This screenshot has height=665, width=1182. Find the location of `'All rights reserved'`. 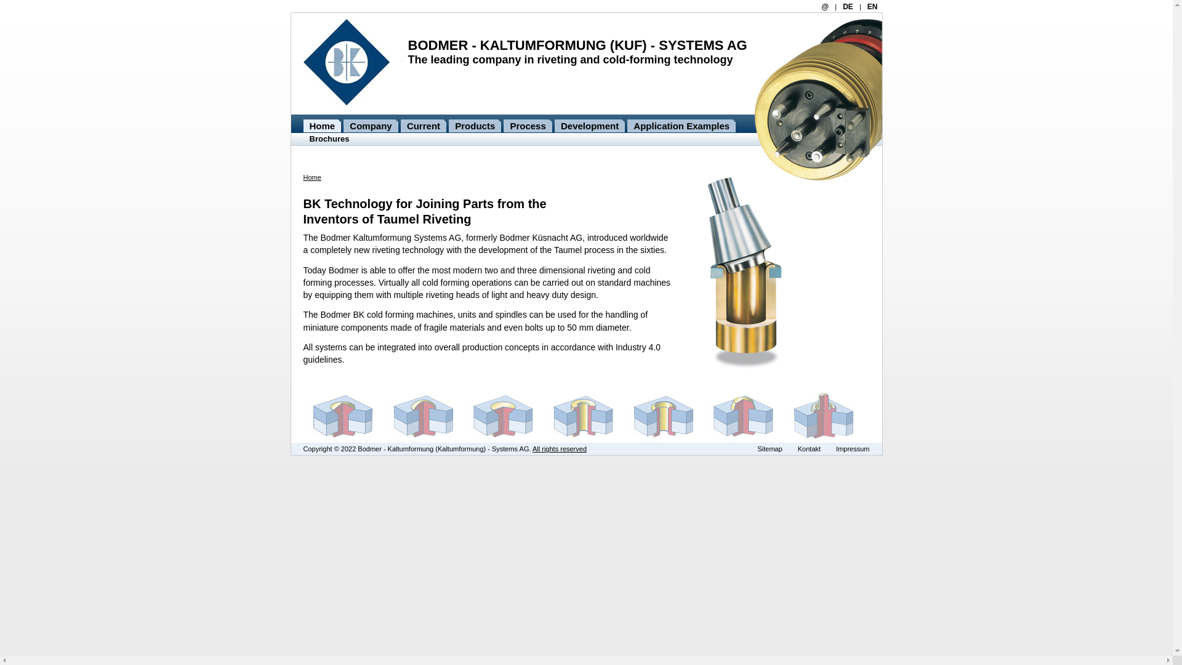

'All rights reserved' is located at coordinates (532, 449).